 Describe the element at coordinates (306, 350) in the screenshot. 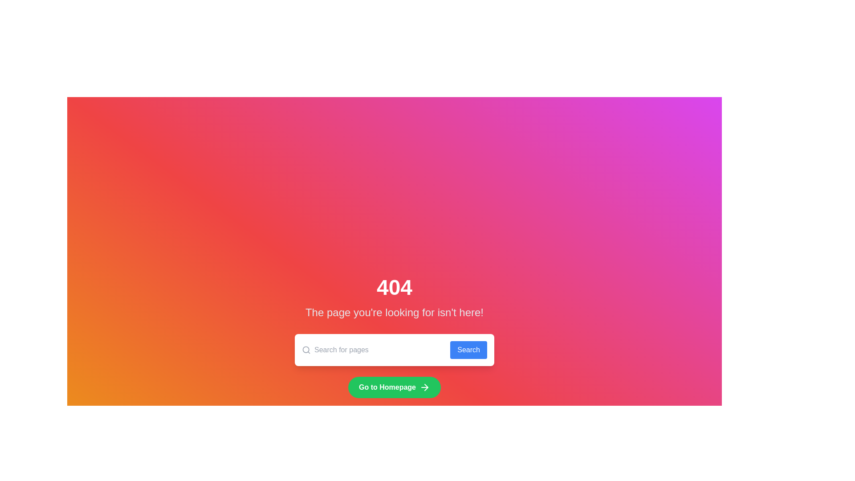

I see `the small gray search icon resembling a magnifying glass located at the start of the search bar, which is inside a white rounded rectangle` at that location.